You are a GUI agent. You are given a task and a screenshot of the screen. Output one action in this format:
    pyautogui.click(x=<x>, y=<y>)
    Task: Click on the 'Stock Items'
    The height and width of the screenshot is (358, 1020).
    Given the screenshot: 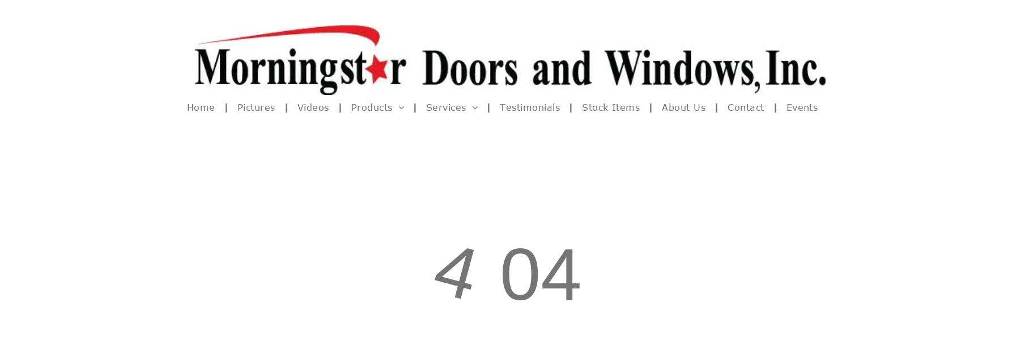 What is the action you would take?
    pyautogui.click(x=611, y=107)
    